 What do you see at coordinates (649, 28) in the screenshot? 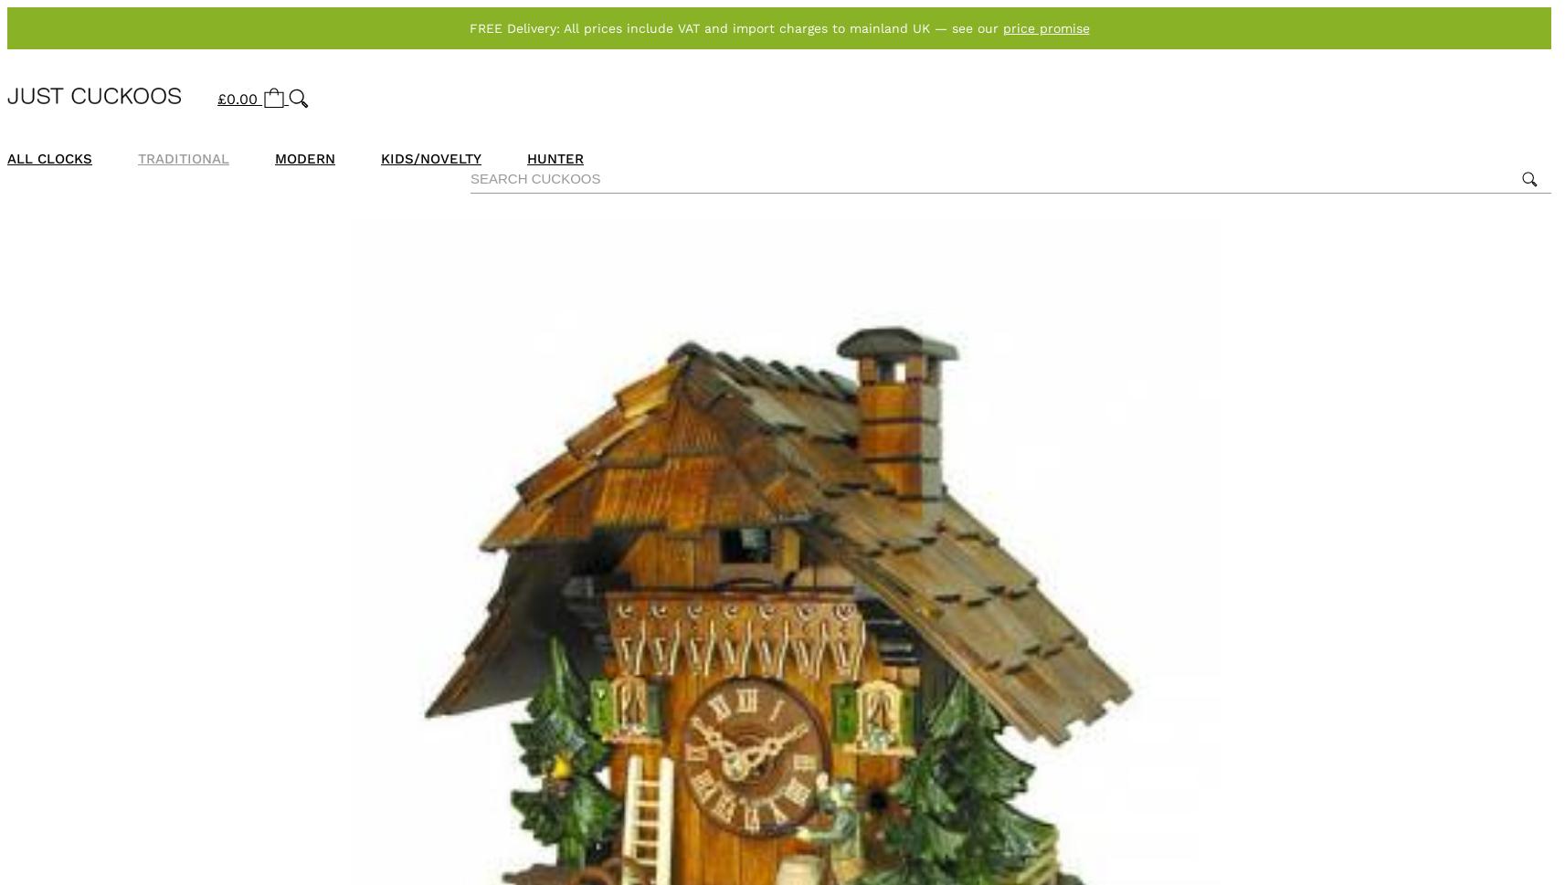
I see `'FREE Delivery: All prices include VAT and import charges'` at bounding box center [649, 28].